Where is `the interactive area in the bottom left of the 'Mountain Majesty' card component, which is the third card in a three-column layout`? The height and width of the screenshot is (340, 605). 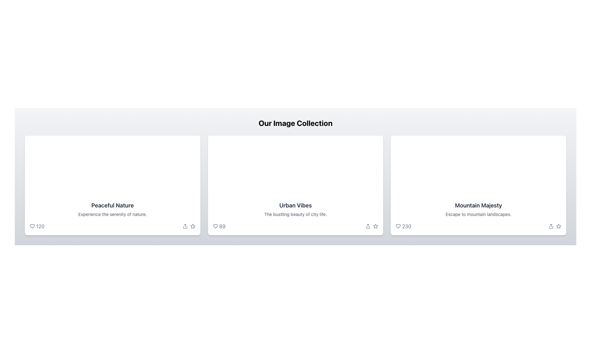
the interactive area in the bottom left of the 'Mountain Majesty' card component, which is the third card in a three-column layout is located at coordinates (478, 185).